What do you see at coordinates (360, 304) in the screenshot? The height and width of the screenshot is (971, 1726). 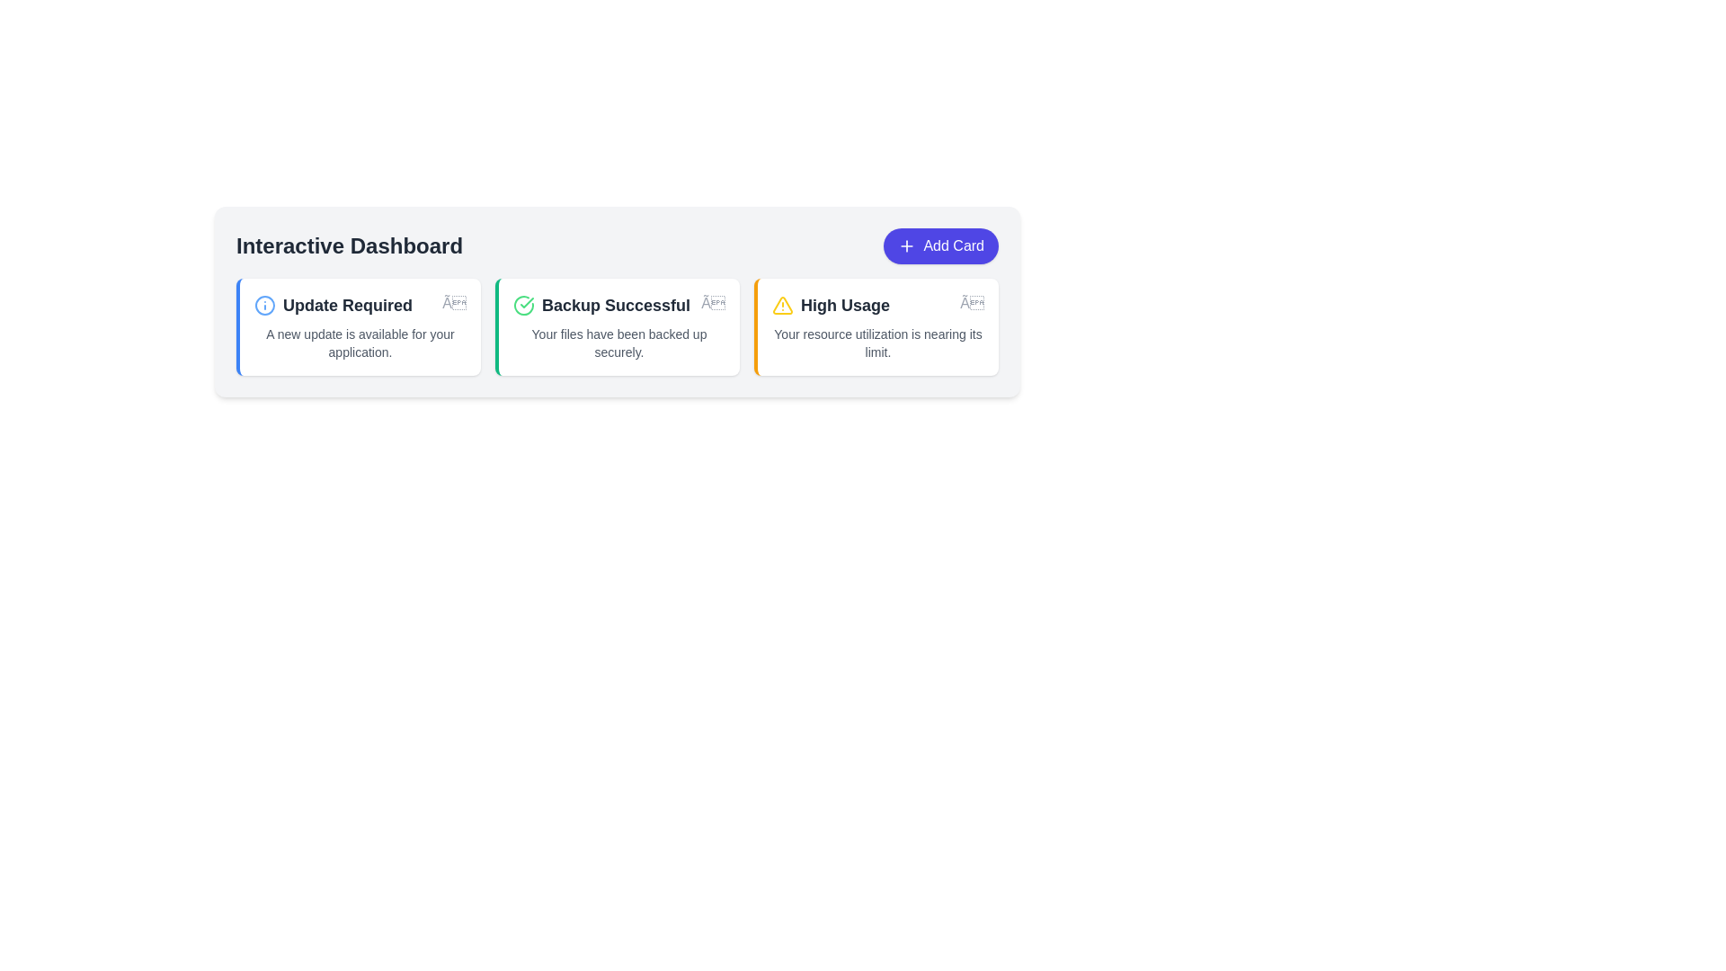 I see `text content of the heading label located at the top-left corner of the first card in the dashboard that indicates the update requirement` at bounding box center [360, 304].